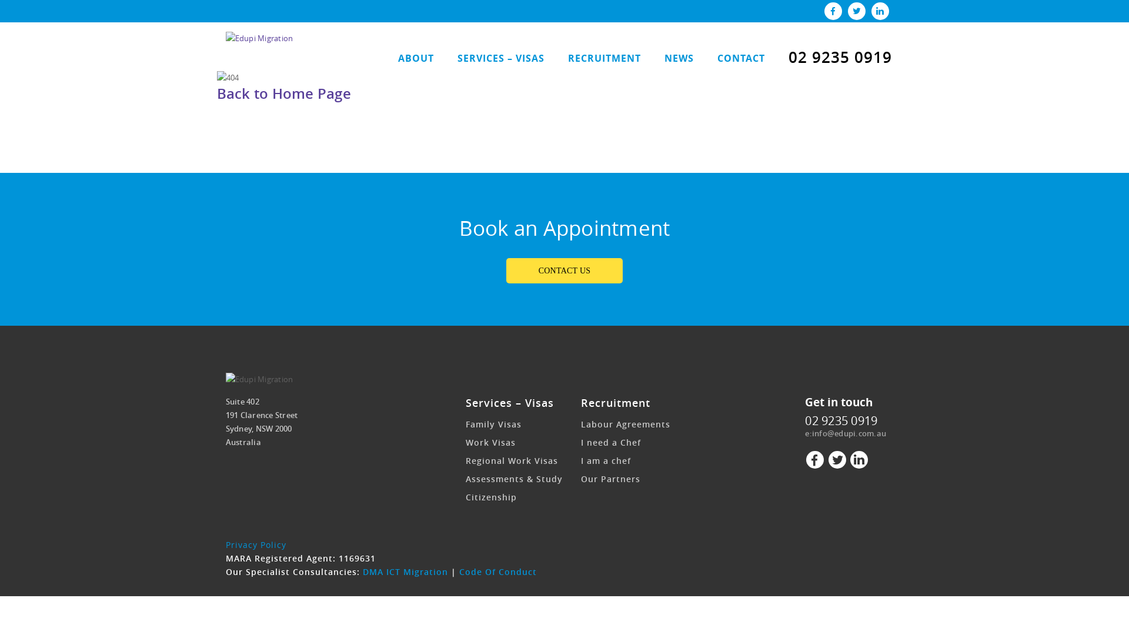 The height and width of the screenshot is (635, 1129). Describe the element at coordinates (581, 424) in the screenshot. I see `'Labour Agreements'` at that location.